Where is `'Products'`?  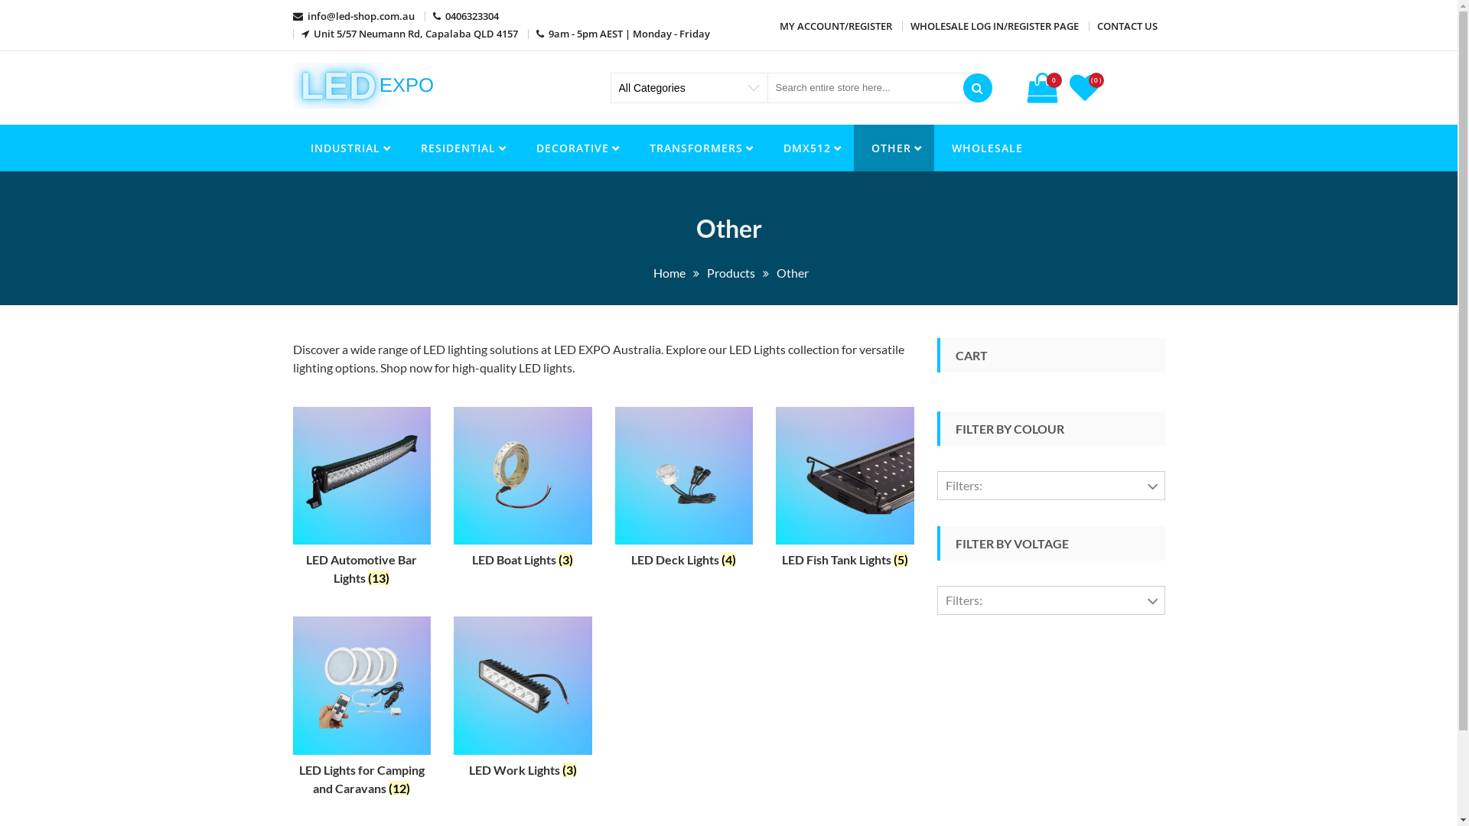 'Products' is located at coordinates (730, 272).